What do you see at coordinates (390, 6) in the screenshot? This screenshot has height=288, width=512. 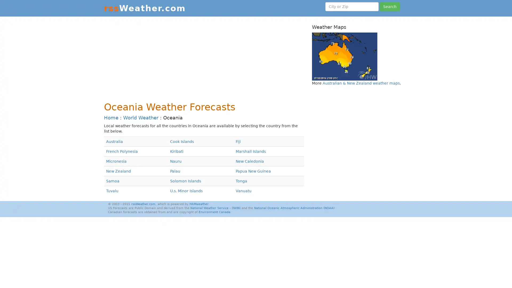 I see `Search` at bounding box center [390, 6].